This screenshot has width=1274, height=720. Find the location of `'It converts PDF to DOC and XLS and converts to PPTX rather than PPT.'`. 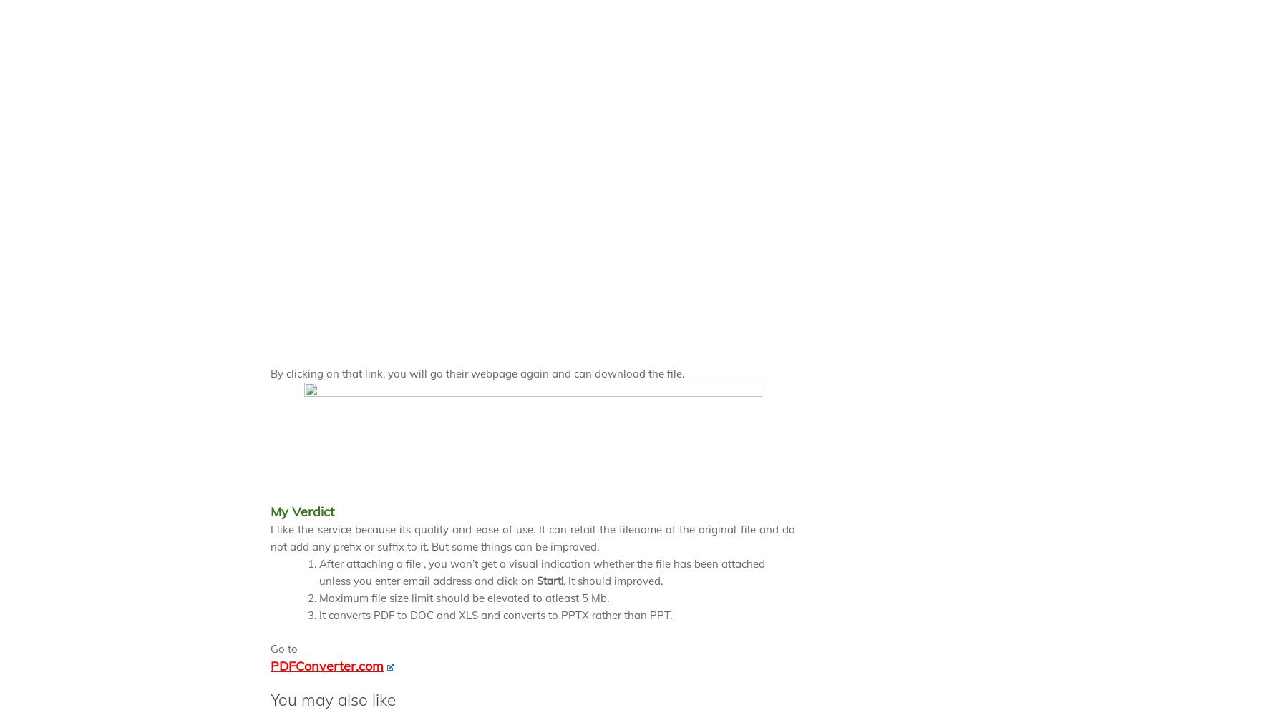

'It converts PDF to DOC and XLS and converts to PPTX rather than PPT.' is located at coordinates (494, 614).